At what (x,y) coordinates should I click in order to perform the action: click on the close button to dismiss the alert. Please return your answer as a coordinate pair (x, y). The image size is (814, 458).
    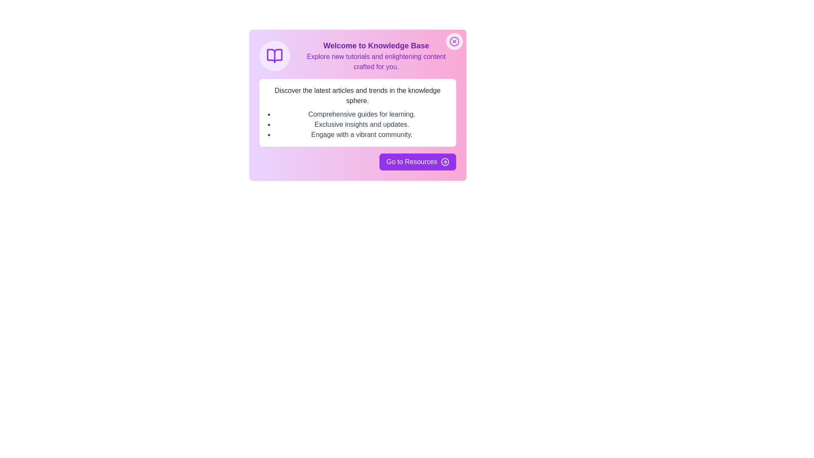
    Looking at the image, I should click on (454, 41).